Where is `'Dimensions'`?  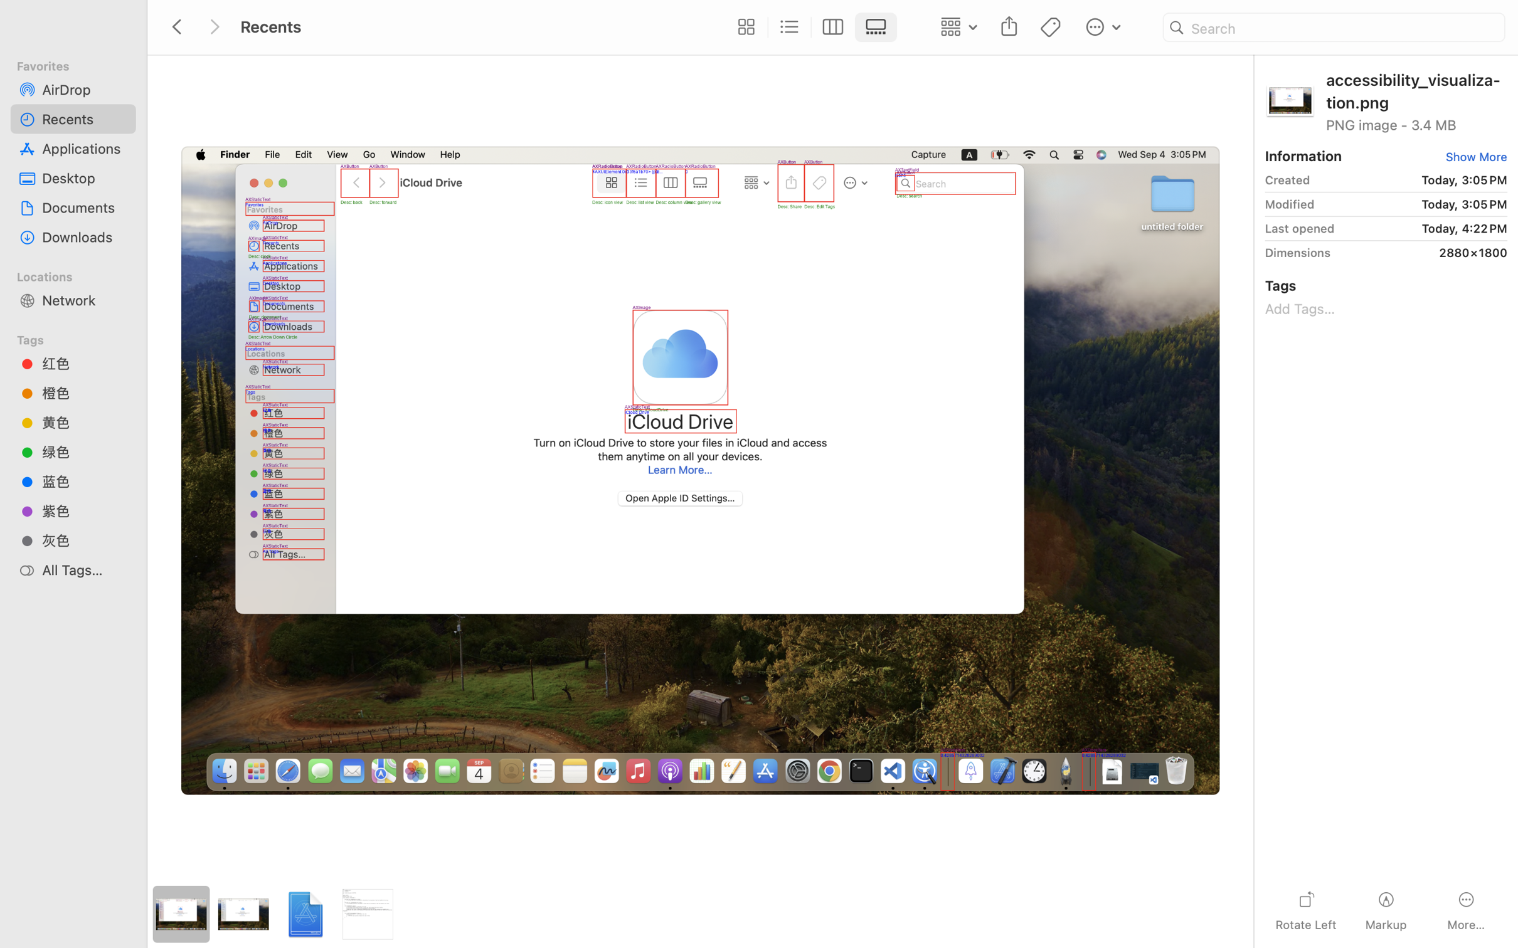
'Dimensions' is located at coordinates (1297, 253).